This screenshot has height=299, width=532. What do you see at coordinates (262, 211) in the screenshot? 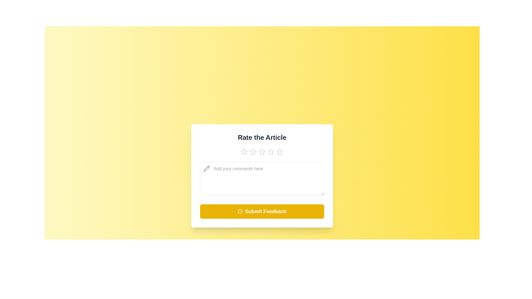
I see `the 'Submit Feedback' button, which is a rectangular button with a yellow background and white text, located at the bottom of the 'Rate the Article' section` at bounding box center [262, 211].